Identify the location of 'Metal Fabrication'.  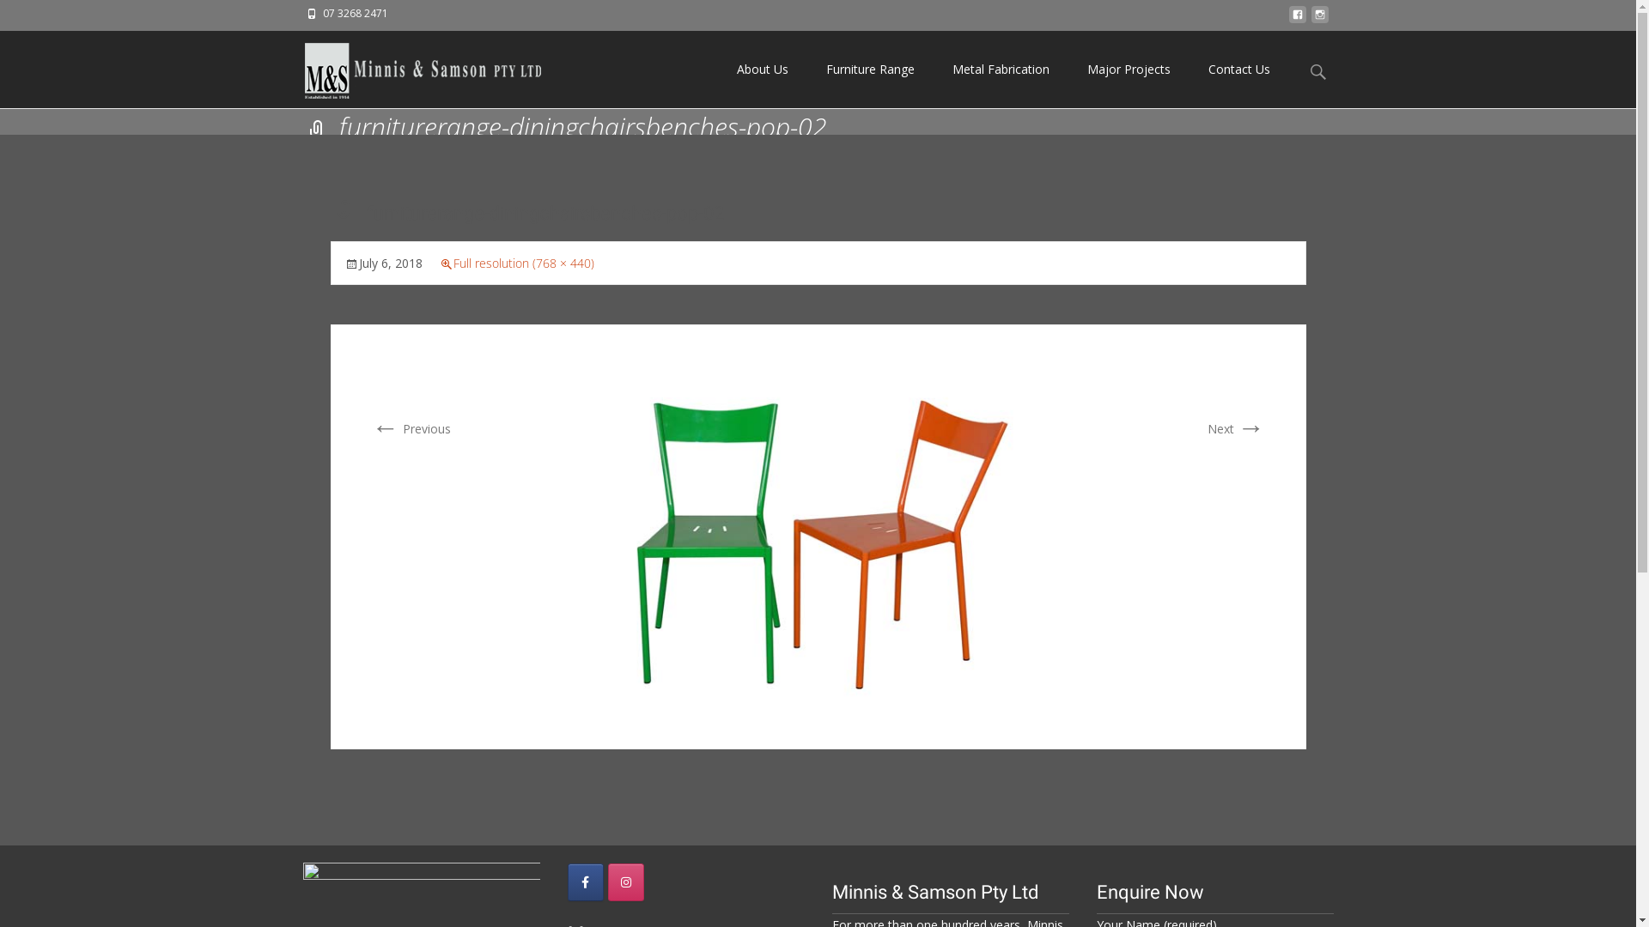
(1000, 69).